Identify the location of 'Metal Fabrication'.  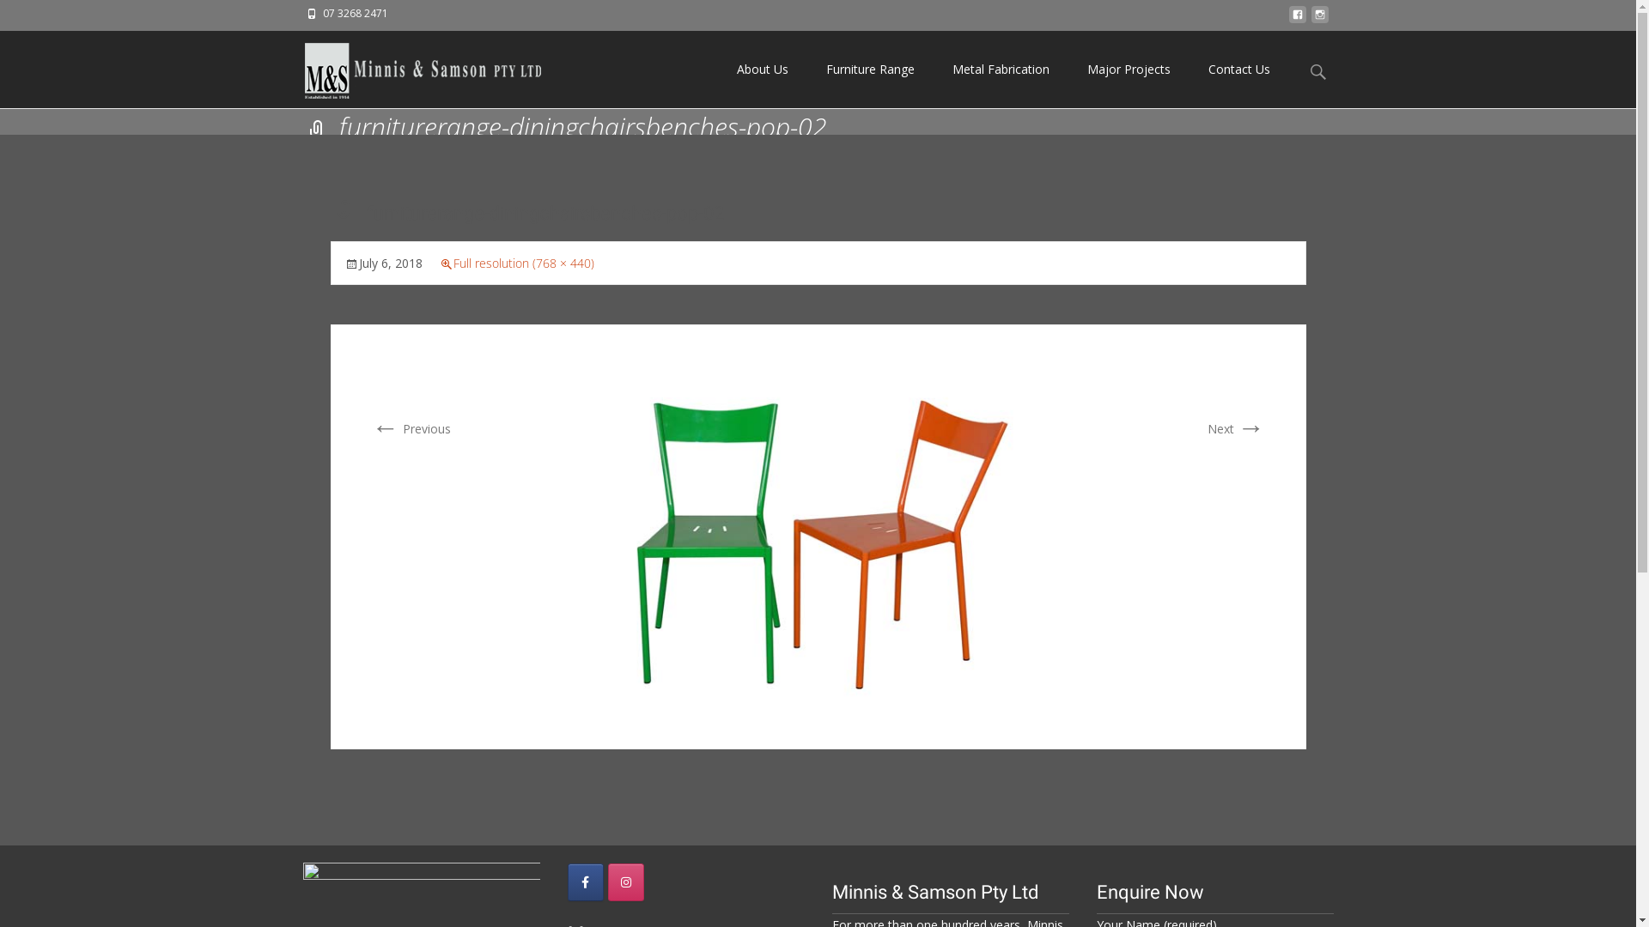
(1000, 69).